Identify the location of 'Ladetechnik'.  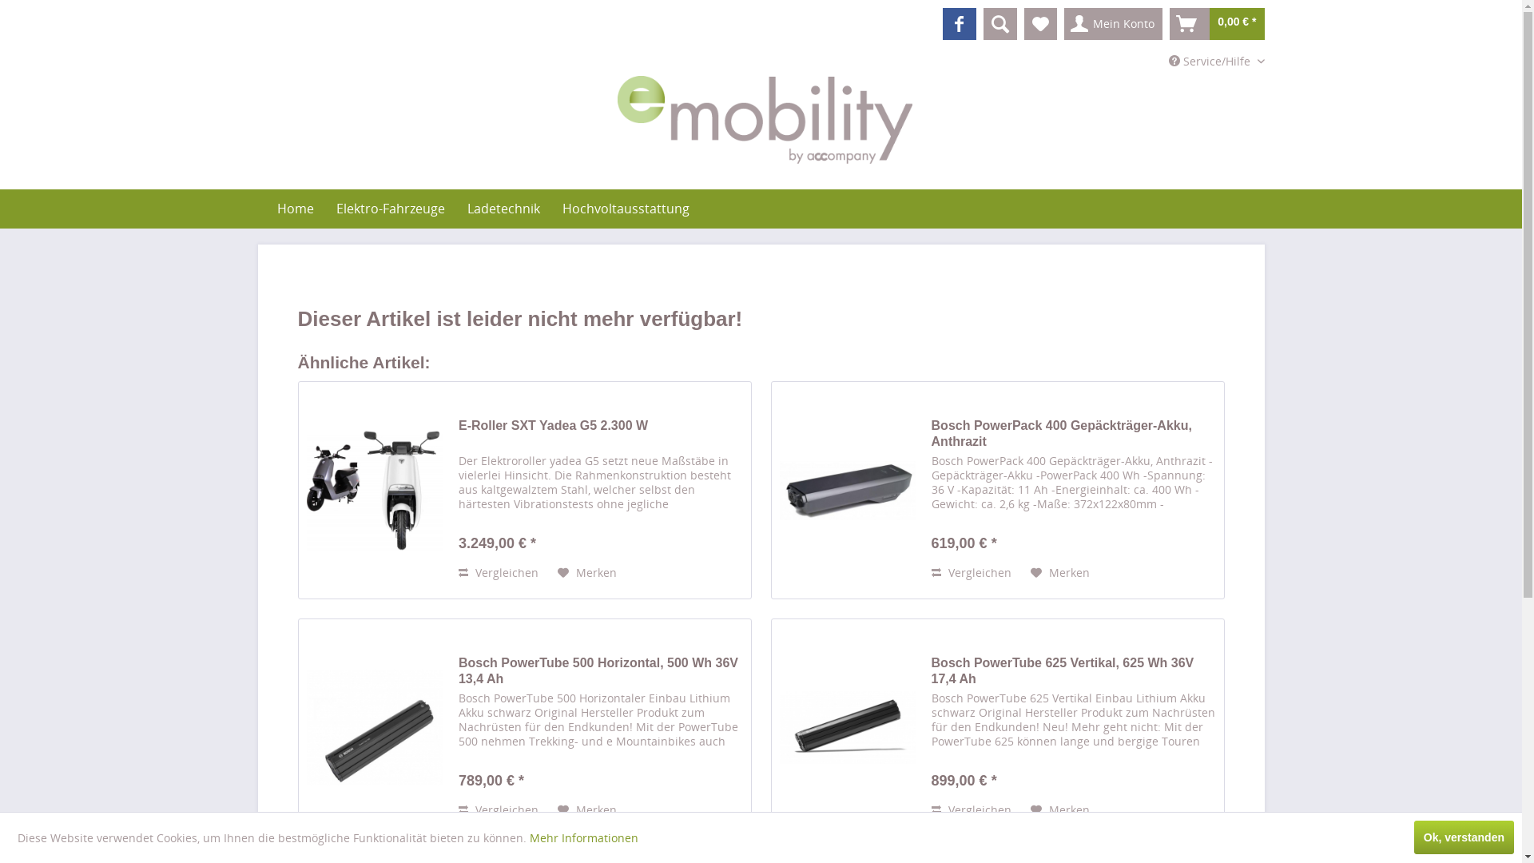
(502, 208).